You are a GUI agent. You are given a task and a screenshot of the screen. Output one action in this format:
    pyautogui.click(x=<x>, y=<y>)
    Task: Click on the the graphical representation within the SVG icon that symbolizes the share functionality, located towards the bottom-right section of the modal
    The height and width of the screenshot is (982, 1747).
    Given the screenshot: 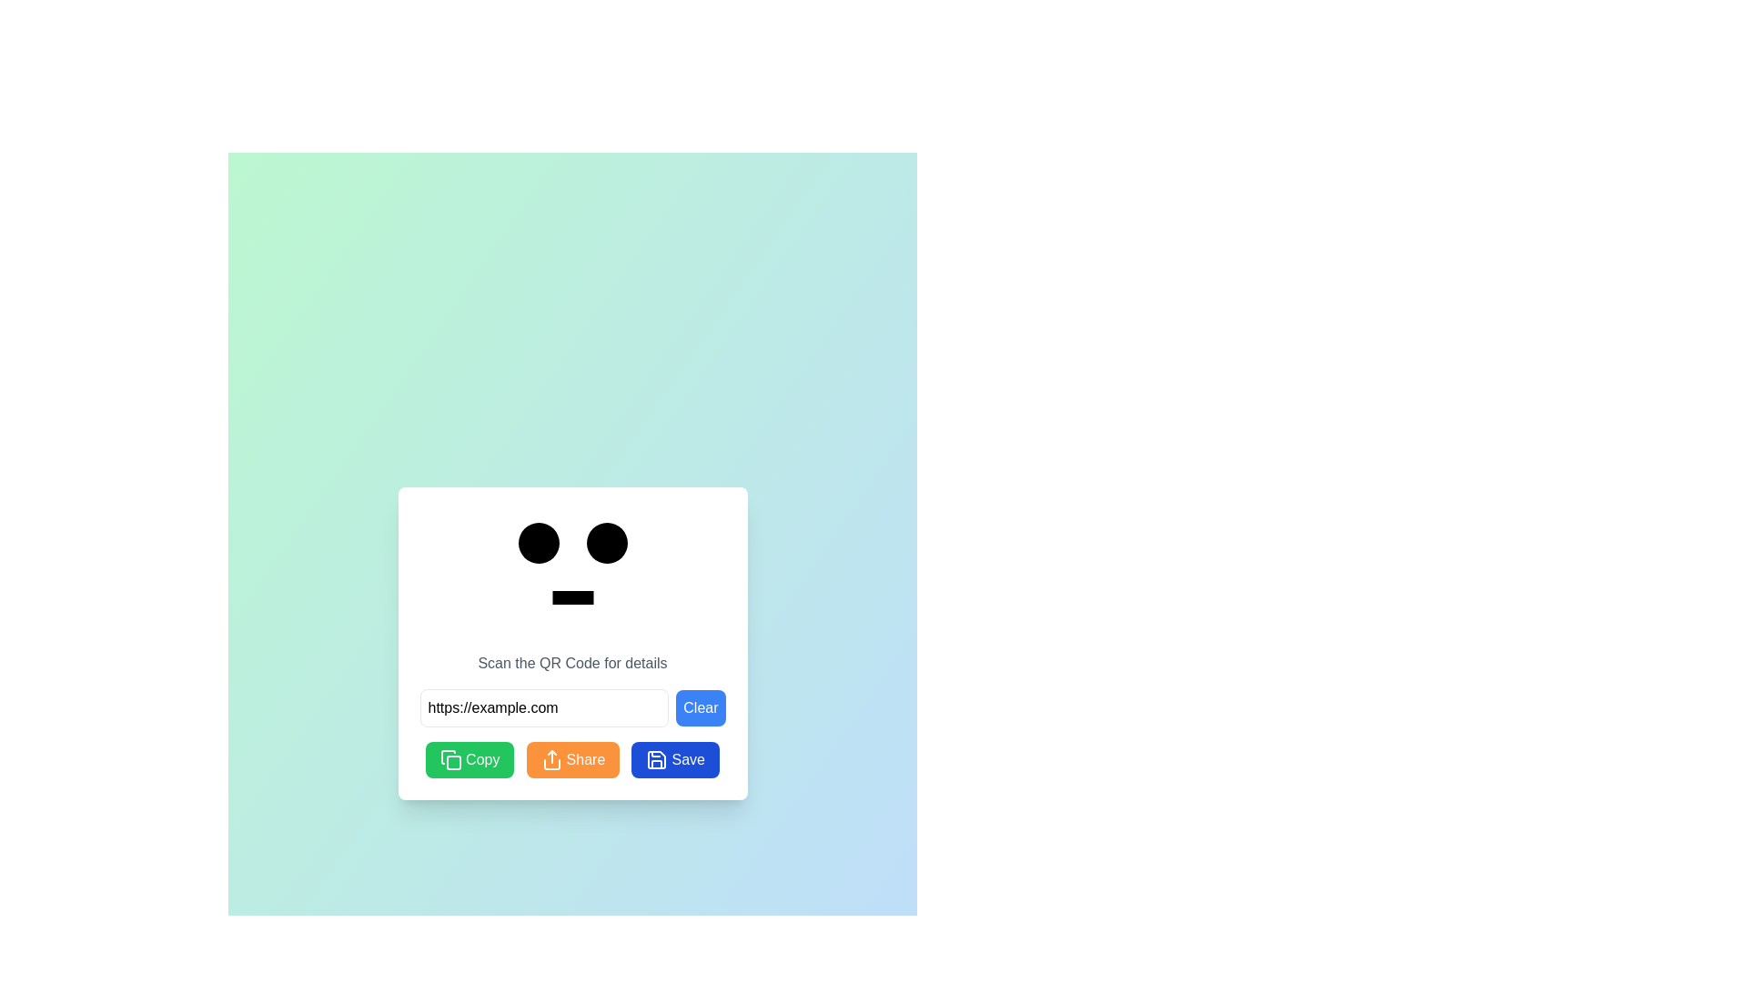 What is the action you would take?
    pyautogui.click(x=550, y=764)
    